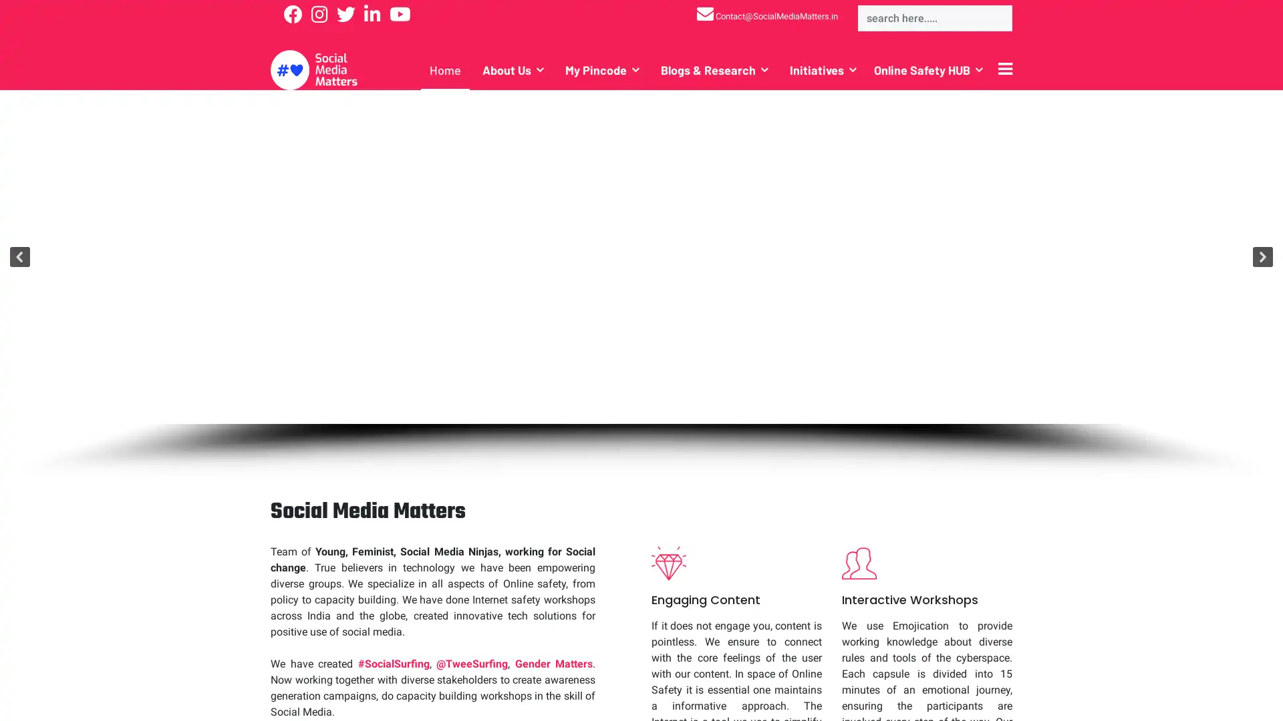  What do you see at coordinates (587, 411) in the screenshot?
I see `Be-Aware-India-Tour-Pondicherry.jpg` at bounding box center [587, 411].